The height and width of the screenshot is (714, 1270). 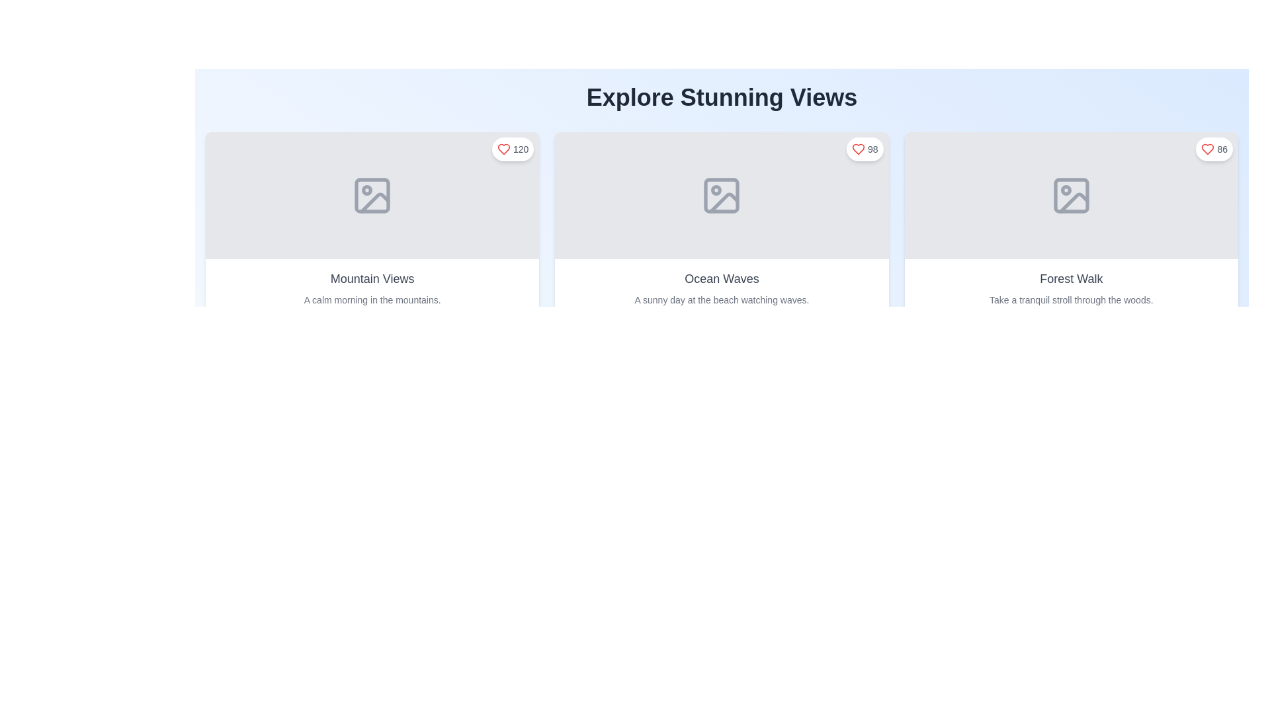 What do you see at coordinates (372, 223) in the screenshot?
I see `title 'Mountain Views' and the description 'A calm morning in the mountains.' from the Card component that features a placeholder image icon and a red heart icon with likes` at bounding box center [372, 223].